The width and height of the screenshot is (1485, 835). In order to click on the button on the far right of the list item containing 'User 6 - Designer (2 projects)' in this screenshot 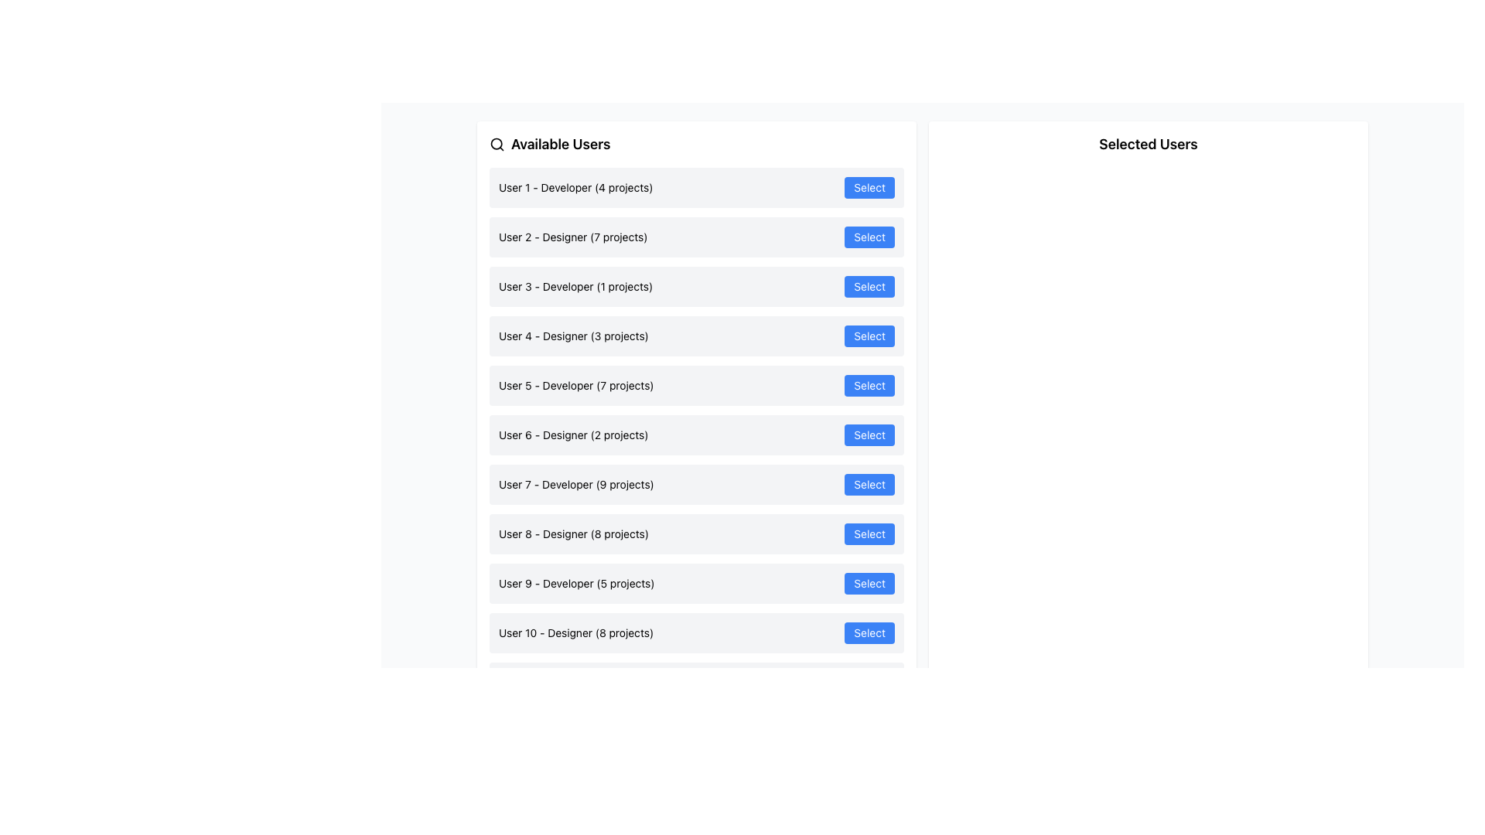, I will do `click(869, 435)`.